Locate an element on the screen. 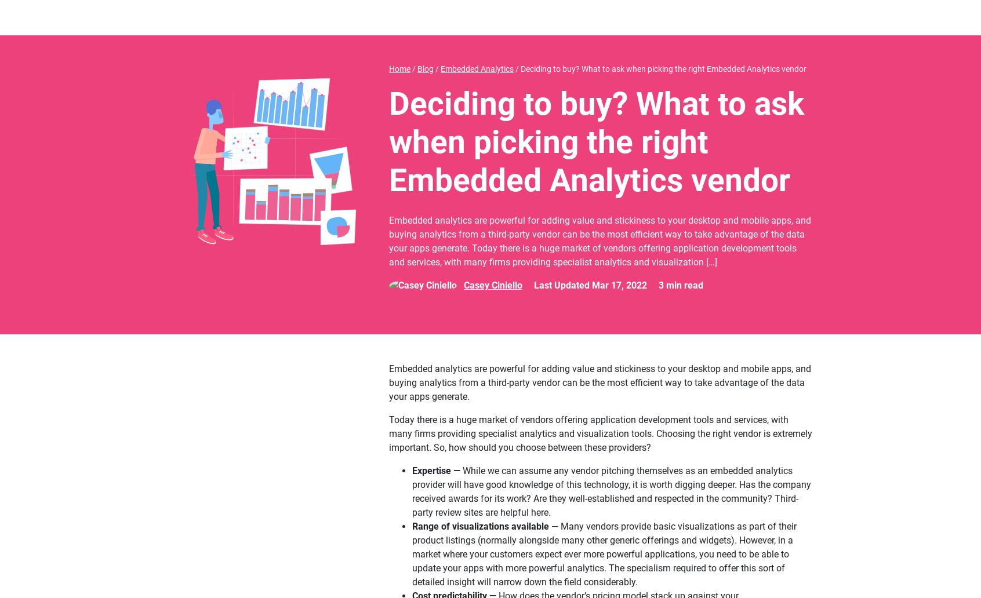 The width and height of the screenshot is (981, 598). 'How easy is it to customize the service? Is it easy for you to modify the look and feel of the analytics tool so it looks and feels like the rest of your app?' is located at coordinates (610, 89).